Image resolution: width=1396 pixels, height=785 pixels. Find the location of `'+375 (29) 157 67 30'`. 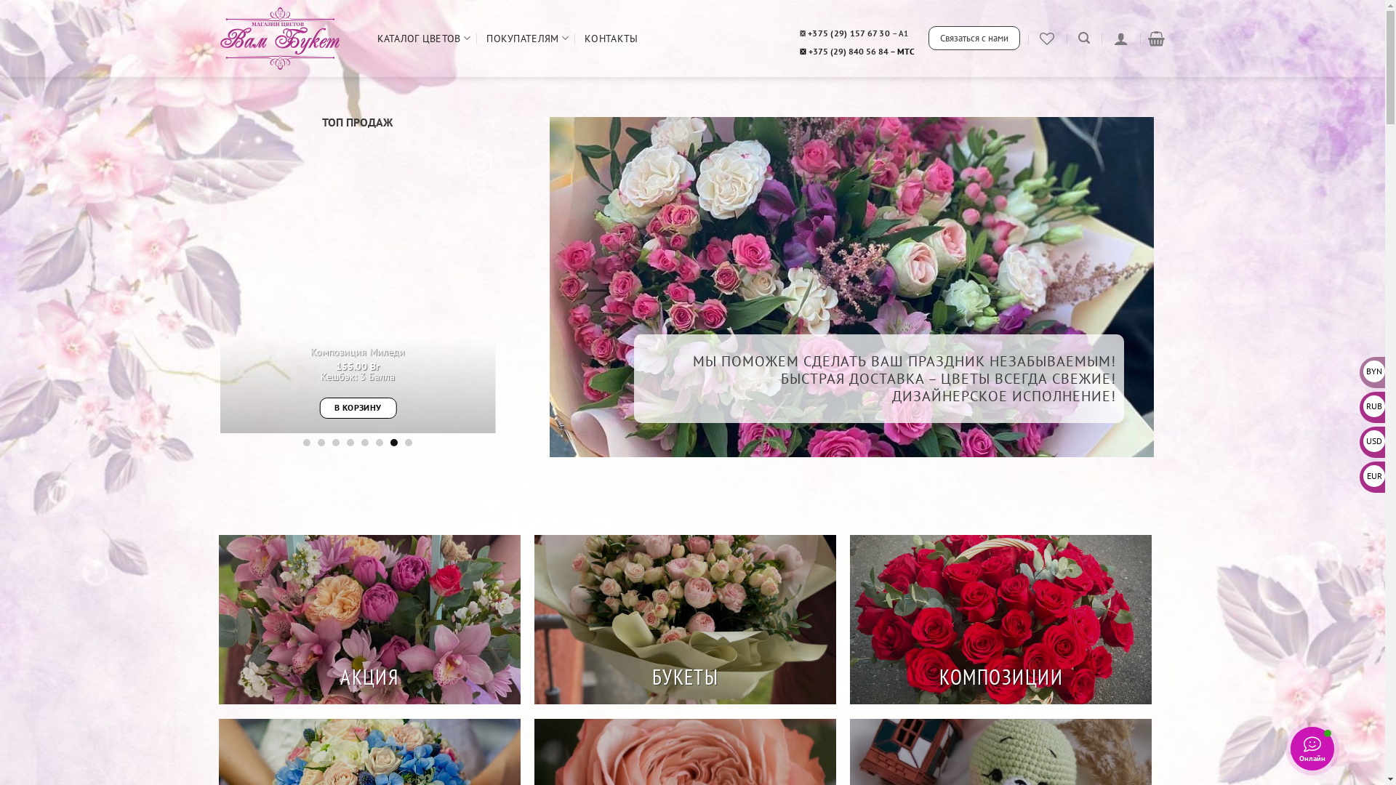

'+375 (29) 157 67 30' is located at coordinates (806, 33).